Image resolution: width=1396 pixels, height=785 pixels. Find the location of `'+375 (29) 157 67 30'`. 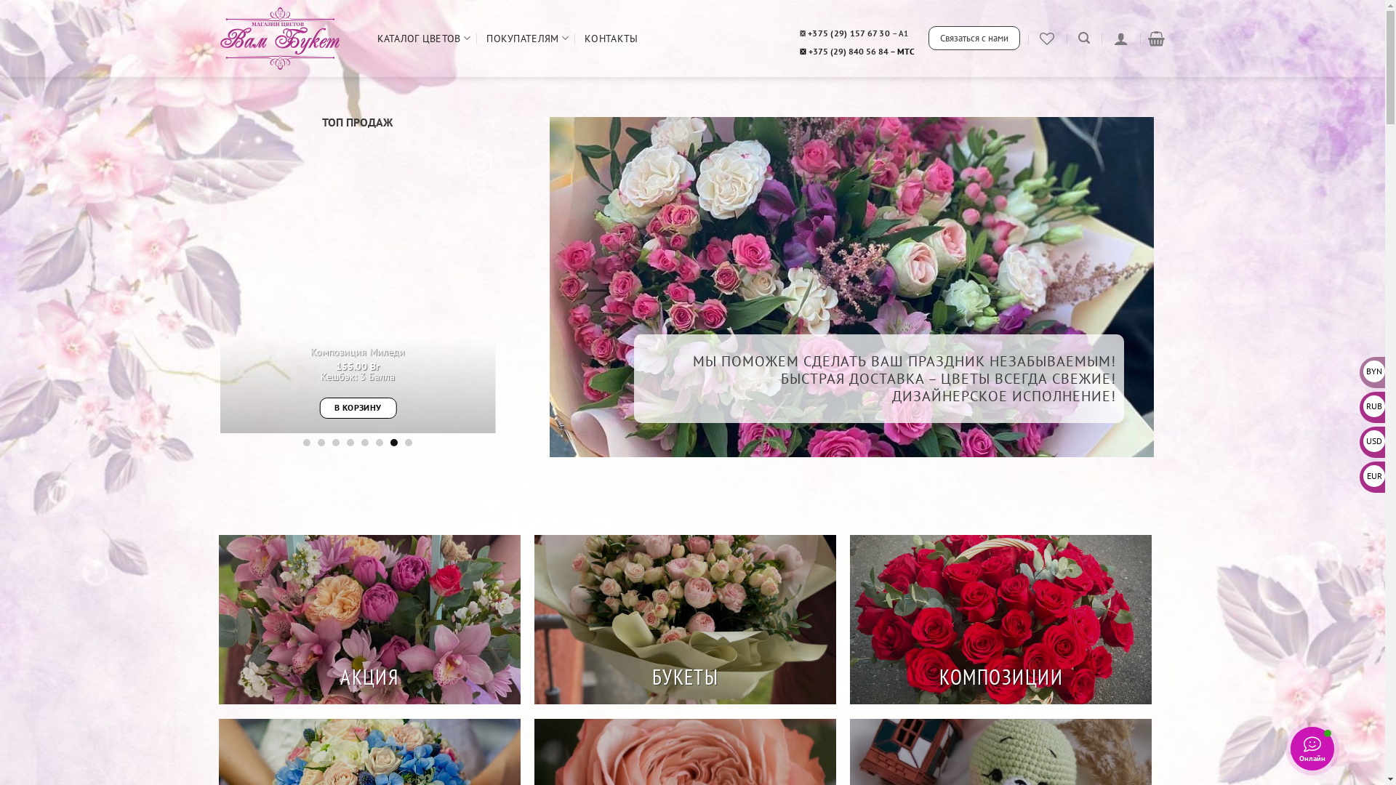

'+375 (29) 157 67 30' is located at coordinates (806, 33).